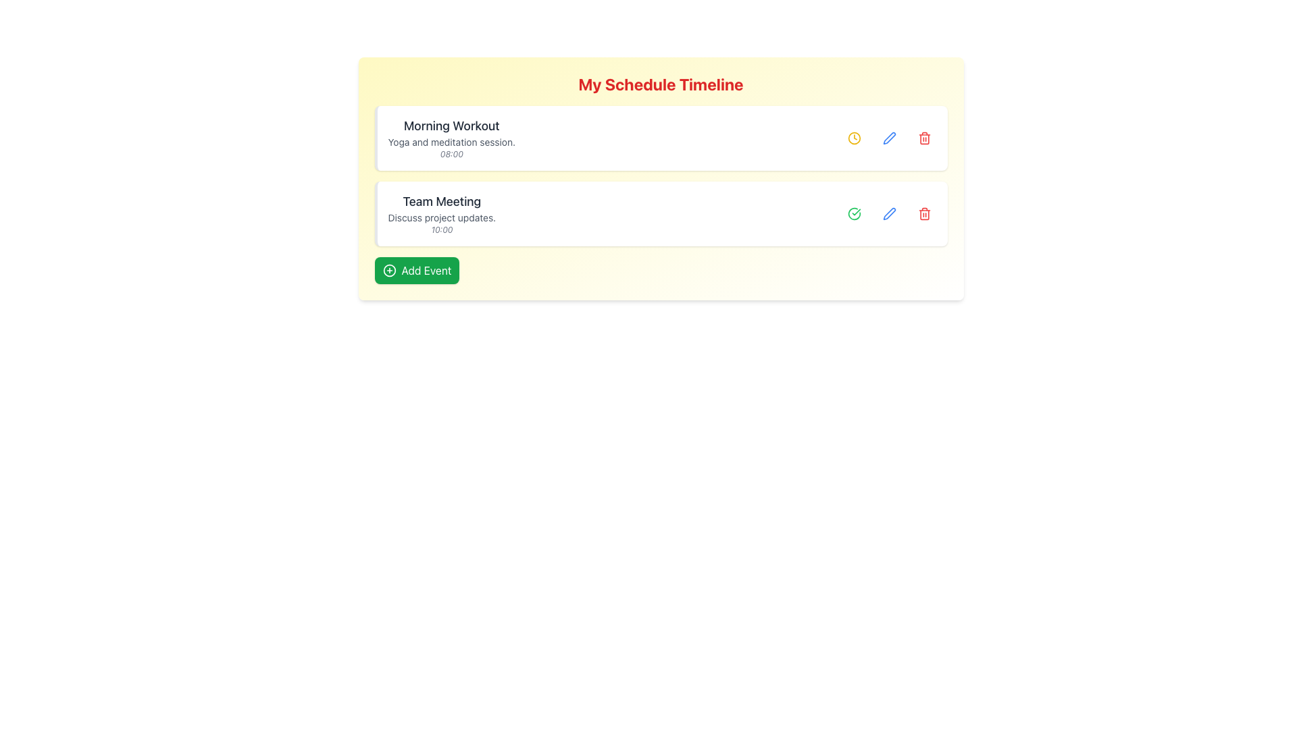 This screenshot has height=729, width=1297. What do you see at coordinates (853, 138) in the screenshot?
I see `the yellow circle resembling a clock face, which serves as the outer boundary of the clock icon in the 'Morning Workout' schedule card` at bounding box center [853, 138].